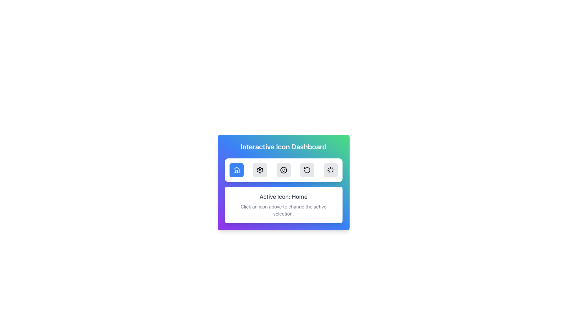 Image resolution: width=565 pixels, height=318 pixels. I want to click on the main body of the house icon, which is styled with a simple stroke and rounded shape, so click(236, 170).